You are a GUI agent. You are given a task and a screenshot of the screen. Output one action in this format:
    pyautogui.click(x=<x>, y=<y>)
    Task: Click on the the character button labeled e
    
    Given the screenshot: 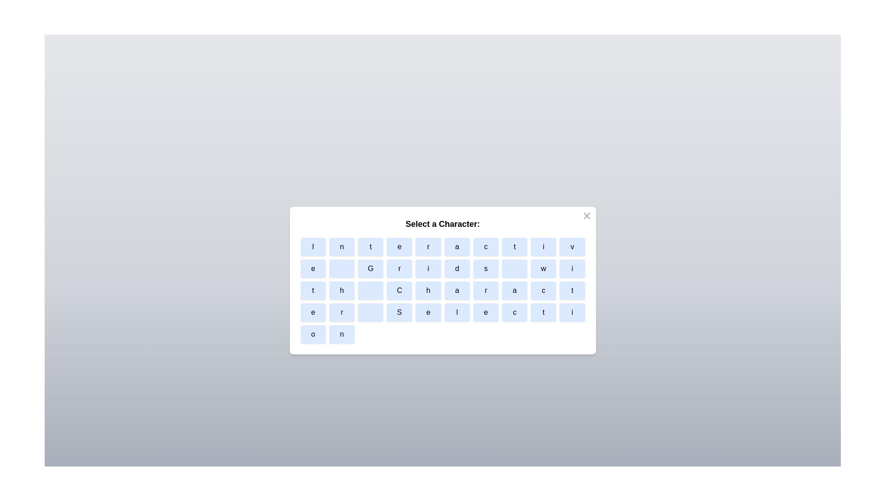 What is the action you would take?
    pyautogui.click(x=399, y=247)
    